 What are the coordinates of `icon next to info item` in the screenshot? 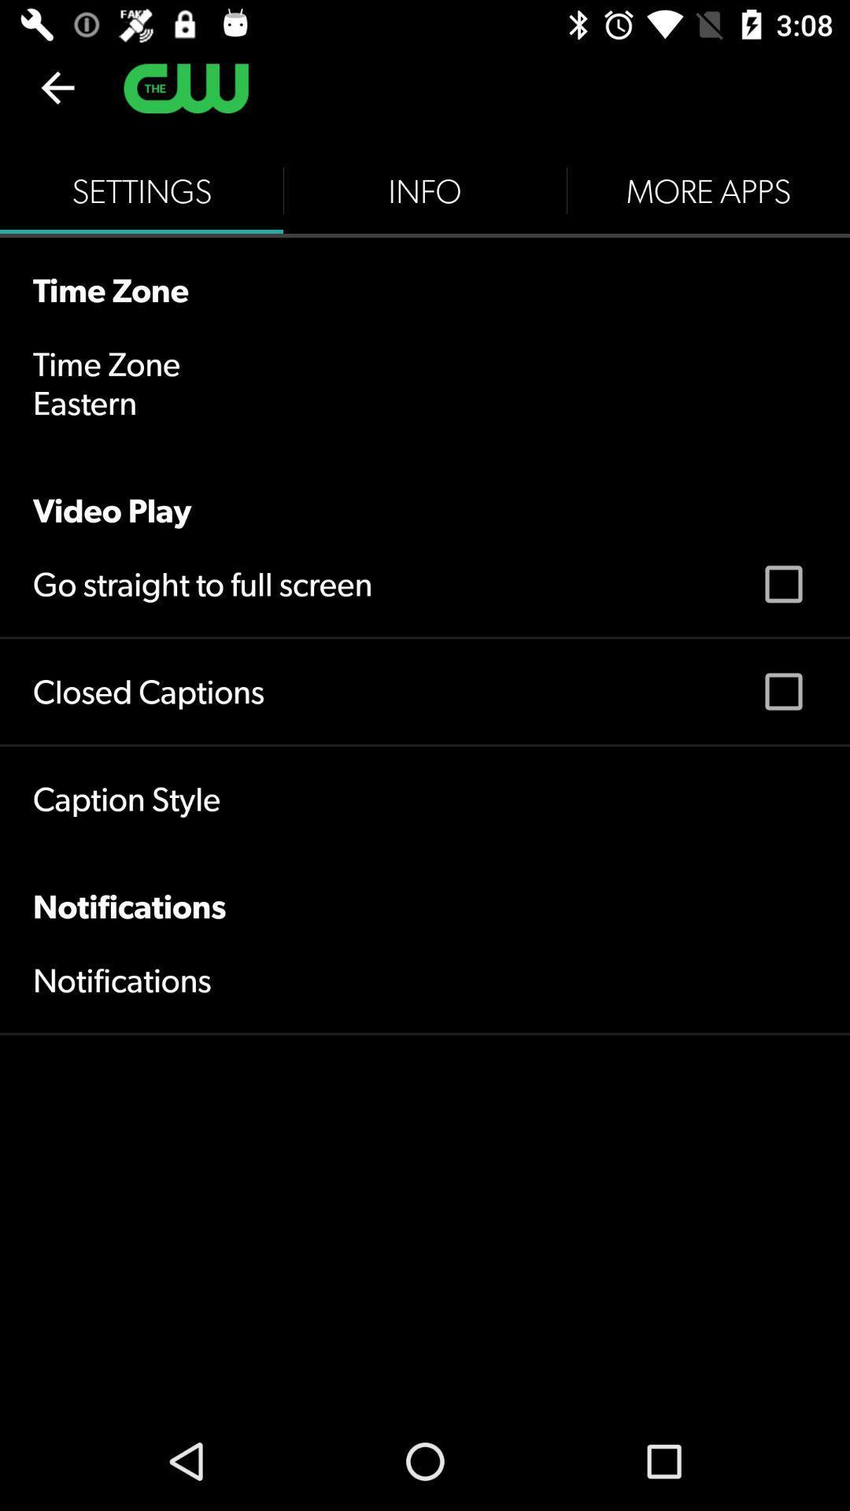 It's located at (707, 190).